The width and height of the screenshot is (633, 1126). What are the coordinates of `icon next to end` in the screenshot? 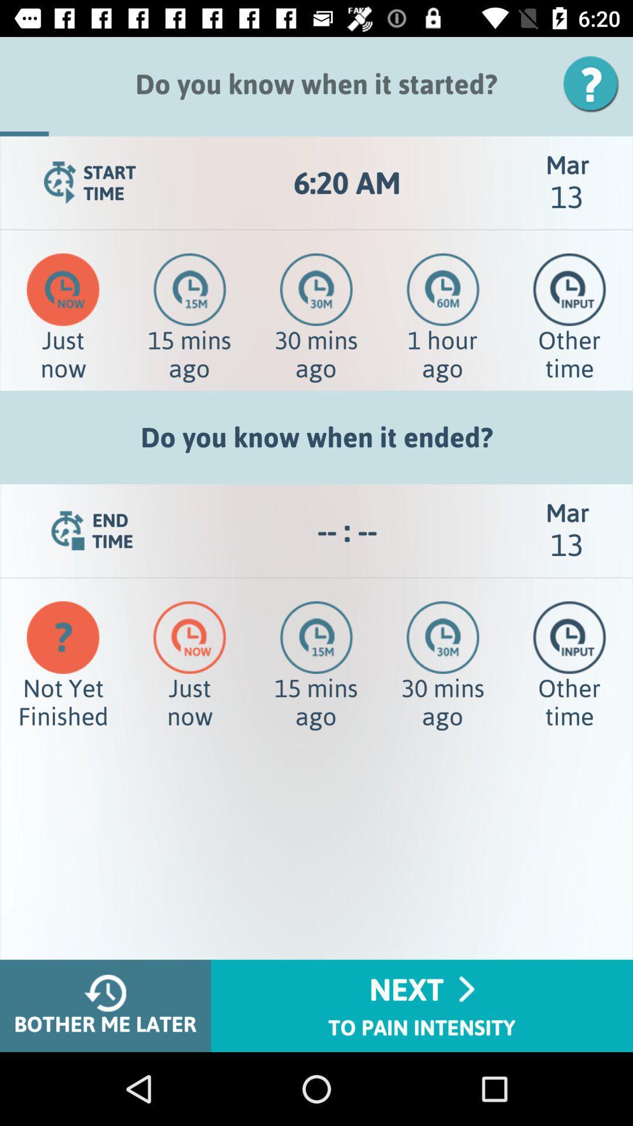 It's located at (346, 530).